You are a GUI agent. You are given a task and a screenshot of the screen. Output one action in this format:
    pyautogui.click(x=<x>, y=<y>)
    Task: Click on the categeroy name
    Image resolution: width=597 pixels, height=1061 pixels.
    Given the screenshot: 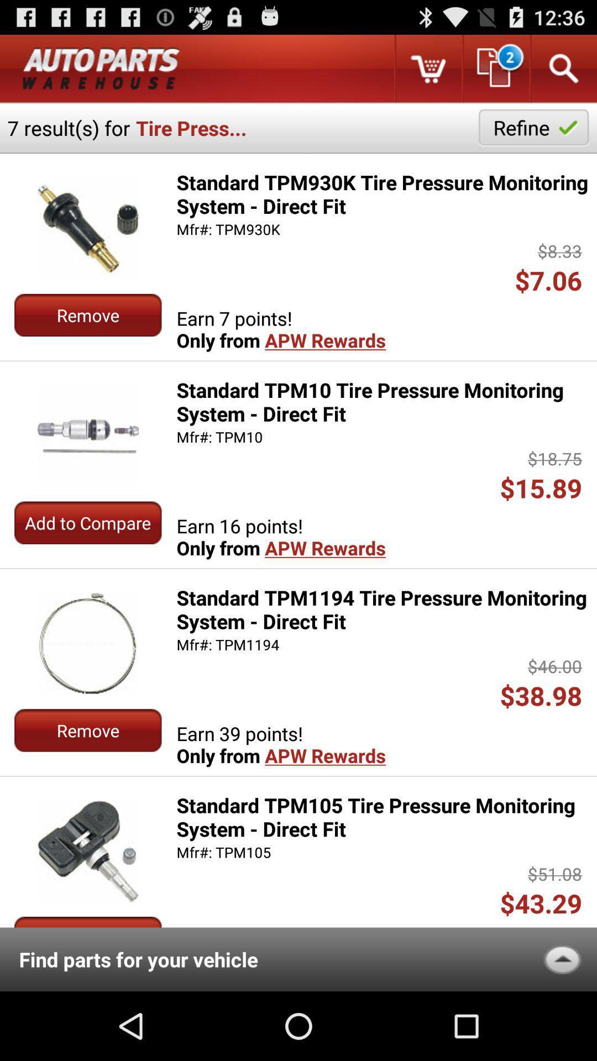 What is the action you would take?
    pyautogui.click(x=101, y=68)
    